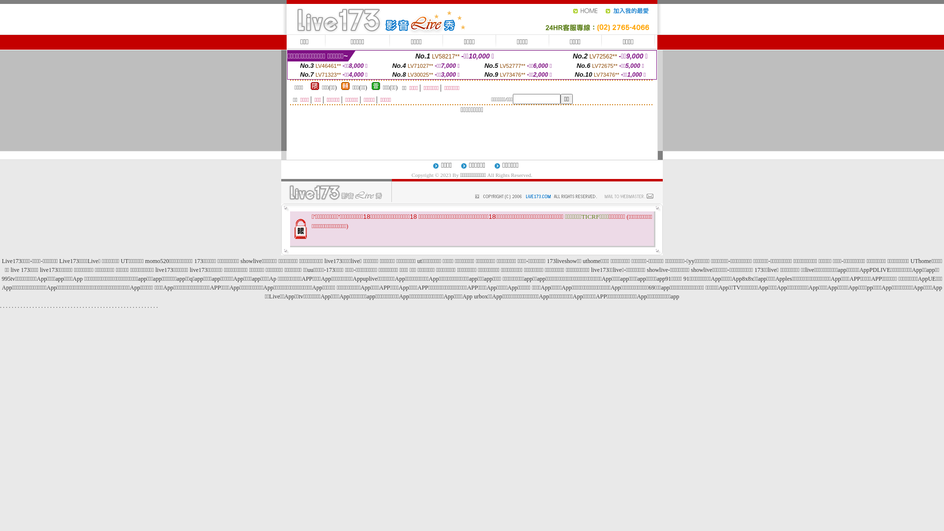 This screenshot has width=944, height=531. Describe the element at coordinates (112, 305) in the screenshot. I see `'.'` at that location.